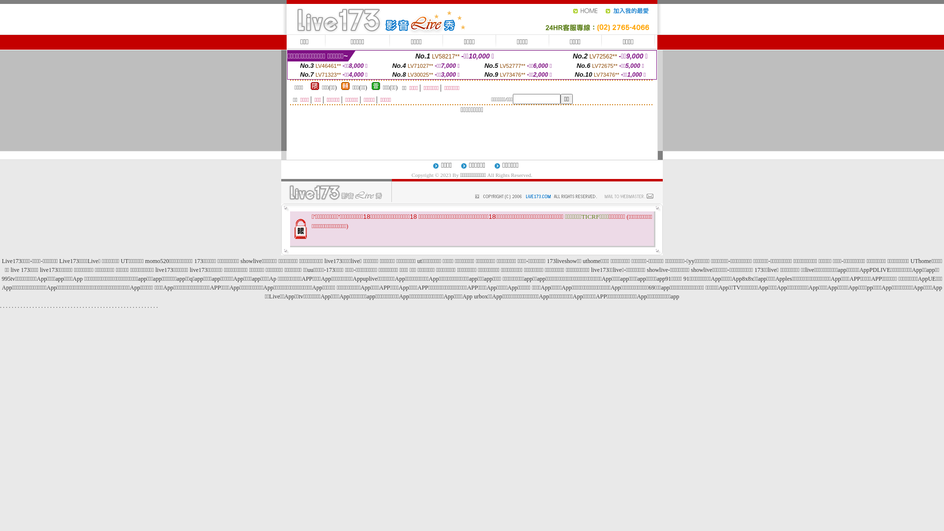 This screenshot has width=944, height=531. Describe the element at coordinates (112, 305) in the screenshot. I see `'.'` at that location.